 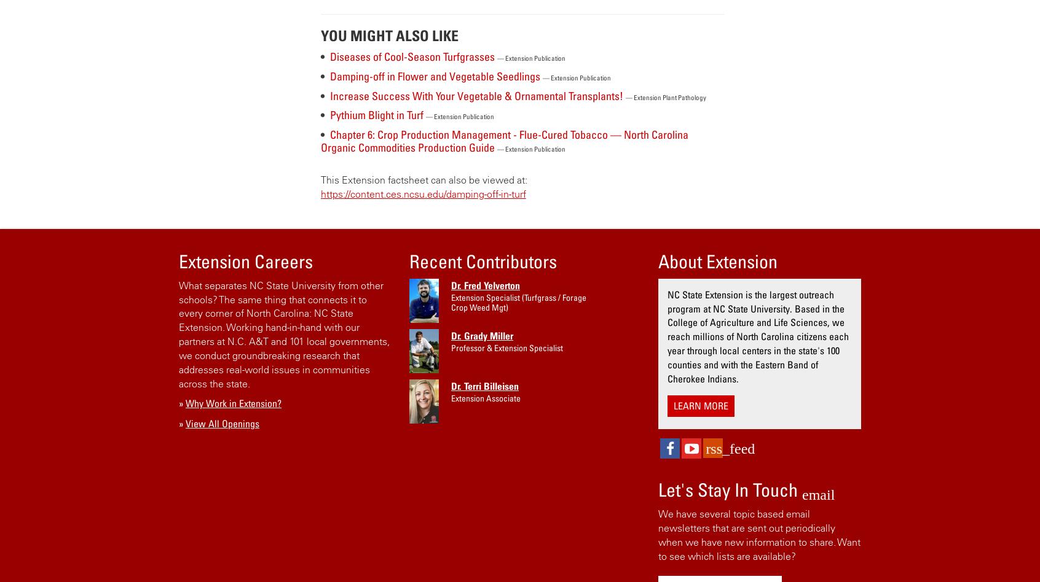 I want to click on 'Extension Specialist (Turfgrass / Forage Crop Weed Mgt)', so click(x=518, y=302).